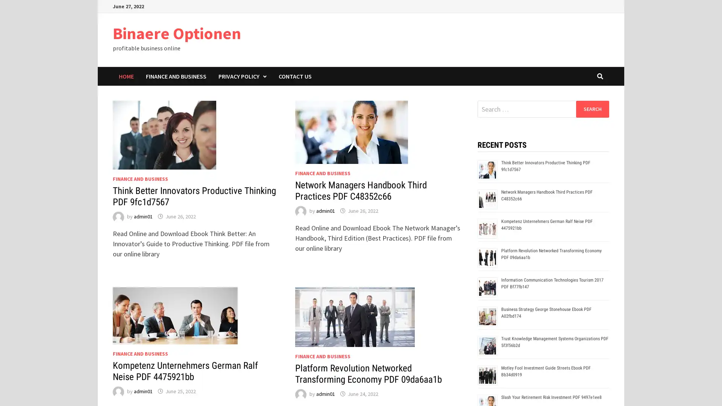 The width and height of the screenshot is (722, 406). Describe the element at coordinates (592, 109) in the screenshot. I see `Search` at that location.